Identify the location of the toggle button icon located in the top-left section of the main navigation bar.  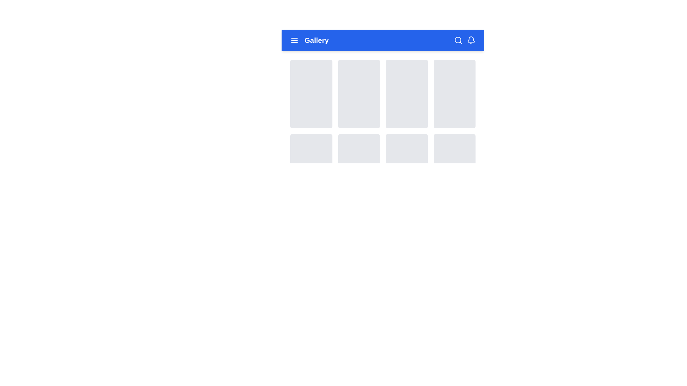
(294, 40).